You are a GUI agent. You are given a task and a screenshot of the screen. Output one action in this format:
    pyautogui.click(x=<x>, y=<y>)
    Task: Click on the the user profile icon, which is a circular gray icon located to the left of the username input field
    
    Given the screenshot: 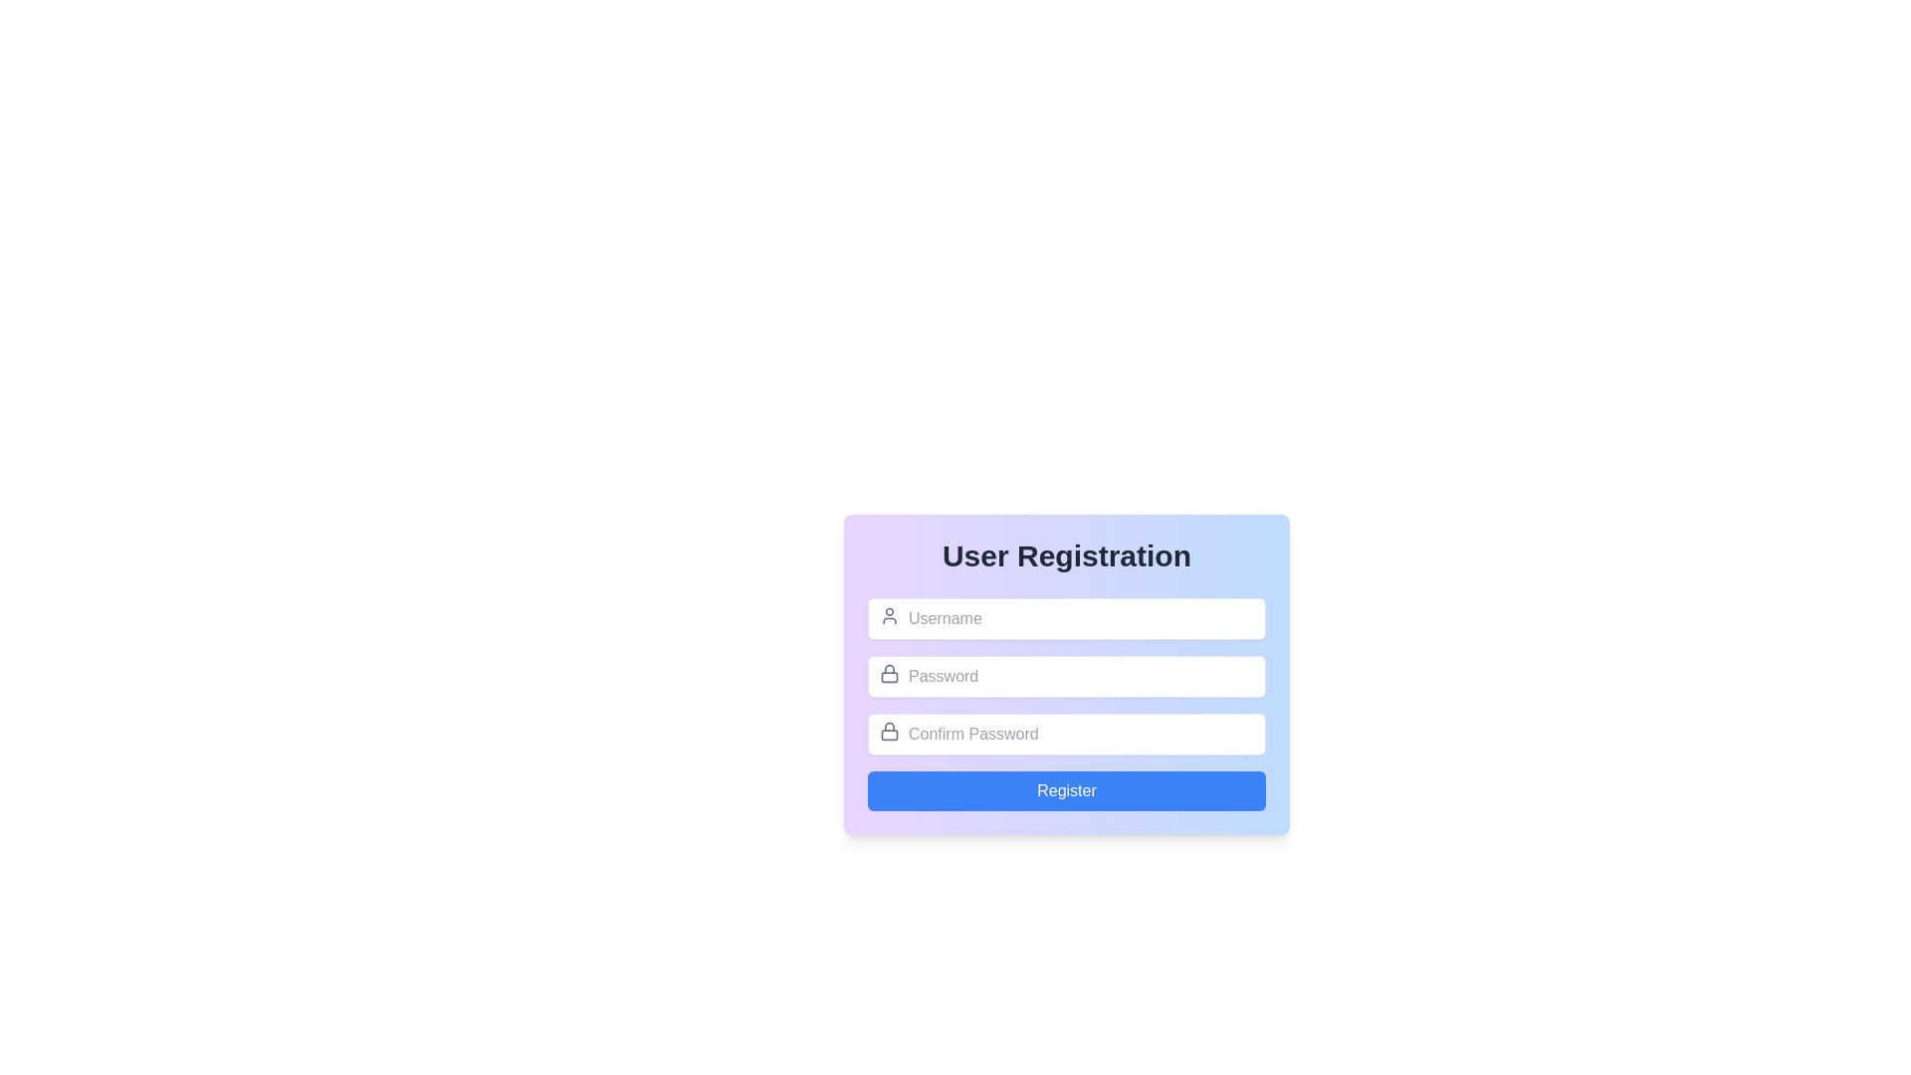 What is the action you would take?
    pyautogui.click(x=888, y=614)
    